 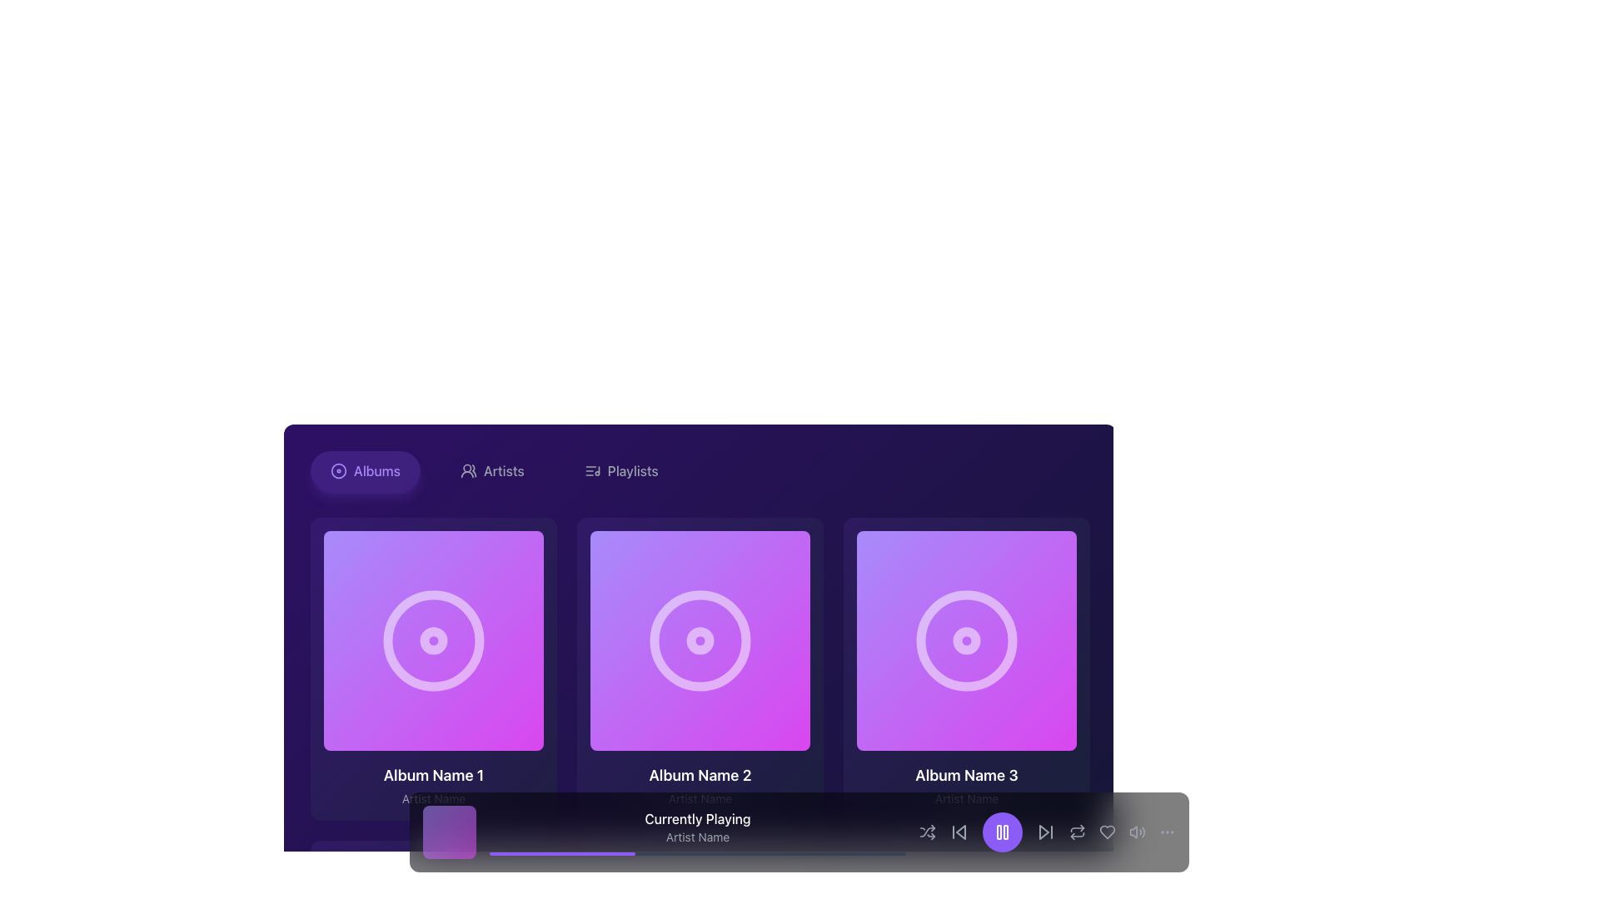 What do you see at coordinates (884, 854) in the screenshot?
I see `the slider` at bounding box center [884, 854].